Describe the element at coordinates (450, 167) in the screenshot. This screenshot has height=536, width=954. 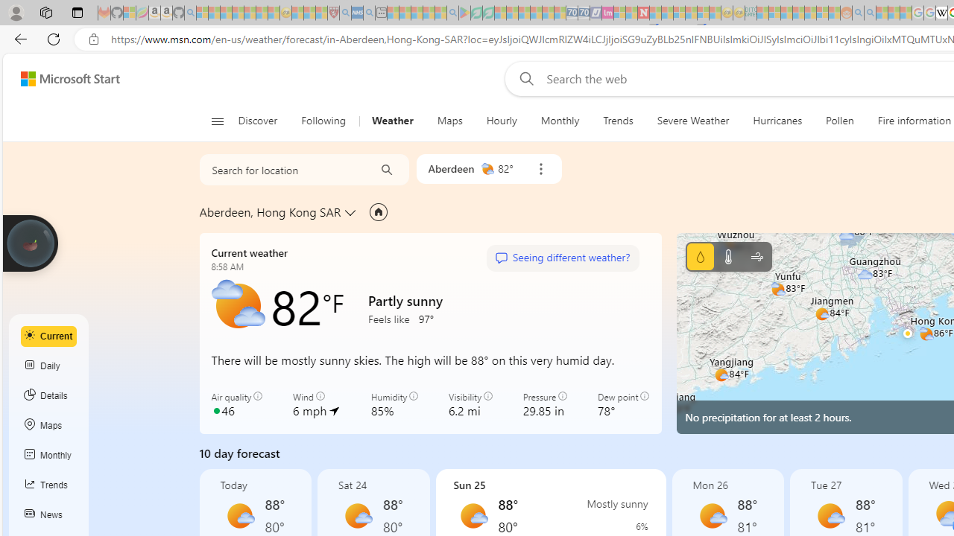
I see `'Aberdeen'` at that location.